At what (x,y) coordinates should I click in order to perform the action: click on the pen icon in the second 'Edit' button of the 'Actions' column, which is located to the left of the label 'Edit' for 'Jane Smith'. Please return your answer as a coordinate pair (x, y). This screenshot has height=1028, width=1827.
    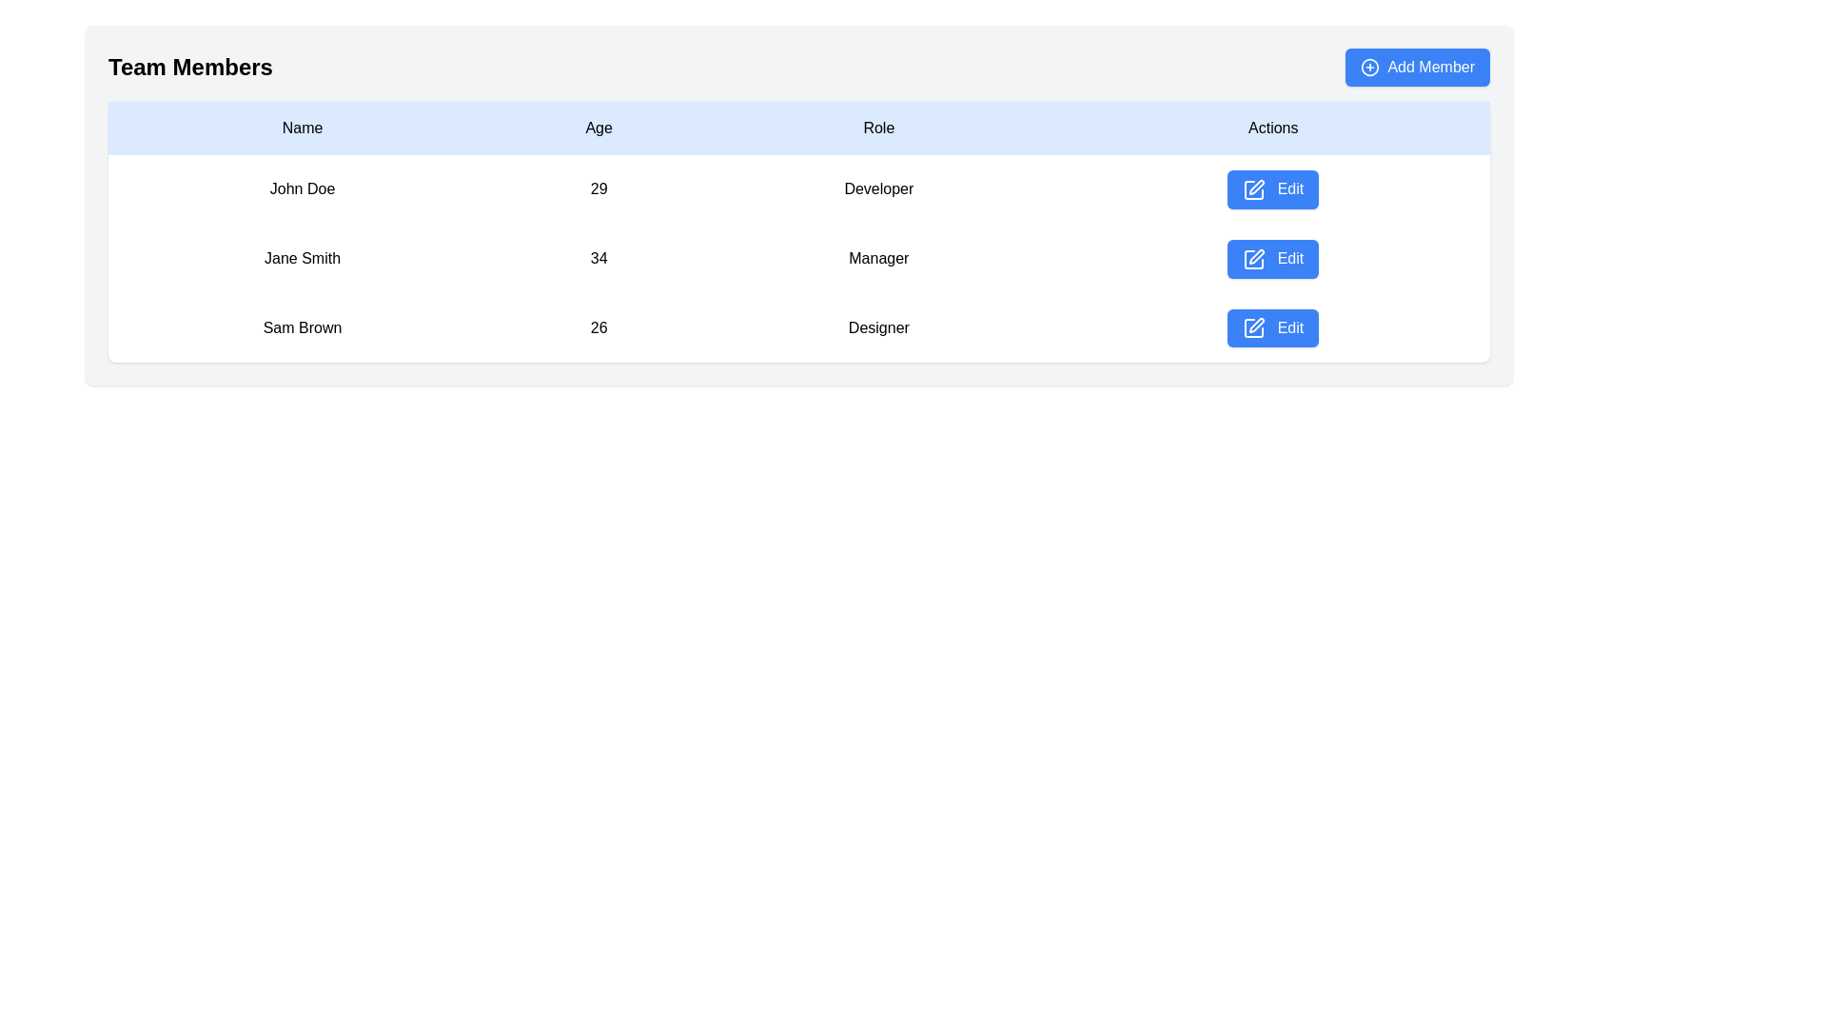
    Looking at the image, I should click on (1254, 259).